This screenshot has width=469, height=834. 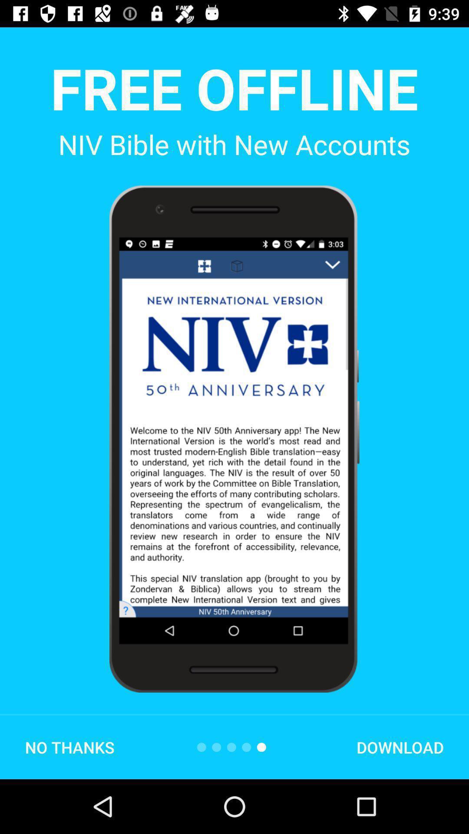 I want to click on the download, so click(x=400, y=747).